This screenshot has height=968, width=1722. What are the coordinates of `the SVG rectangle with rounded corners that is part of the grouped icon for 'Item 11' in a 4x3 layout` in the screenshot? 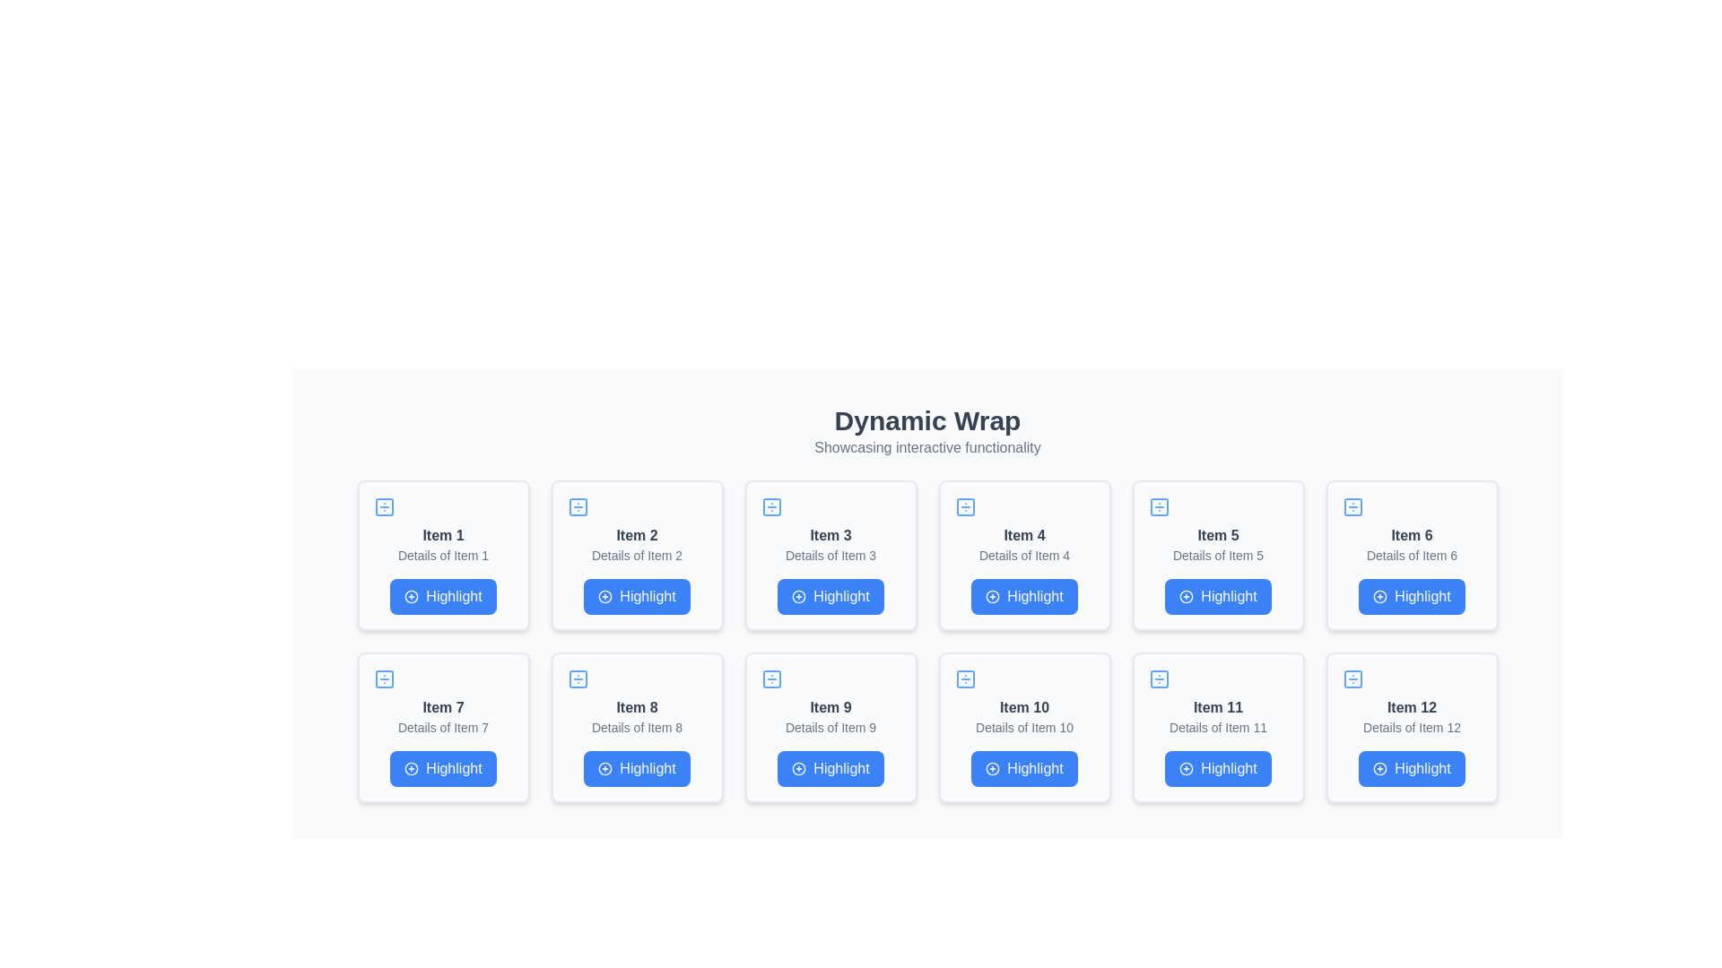 It's located at (1159, 679).